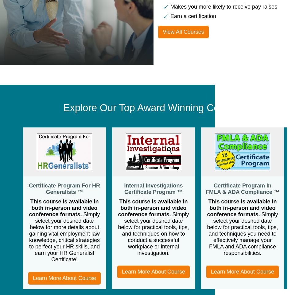 This screenshot has height=295, width=307. What do you see at coordinates (64, 236) in the screenshot?
I see `'Simply select your desired date below for more details about gaining vital employment law knowledge, critical strategies to perfect your HR skills, and earn your HR Generalist Certificate!'` at bounding box center [64, 236].